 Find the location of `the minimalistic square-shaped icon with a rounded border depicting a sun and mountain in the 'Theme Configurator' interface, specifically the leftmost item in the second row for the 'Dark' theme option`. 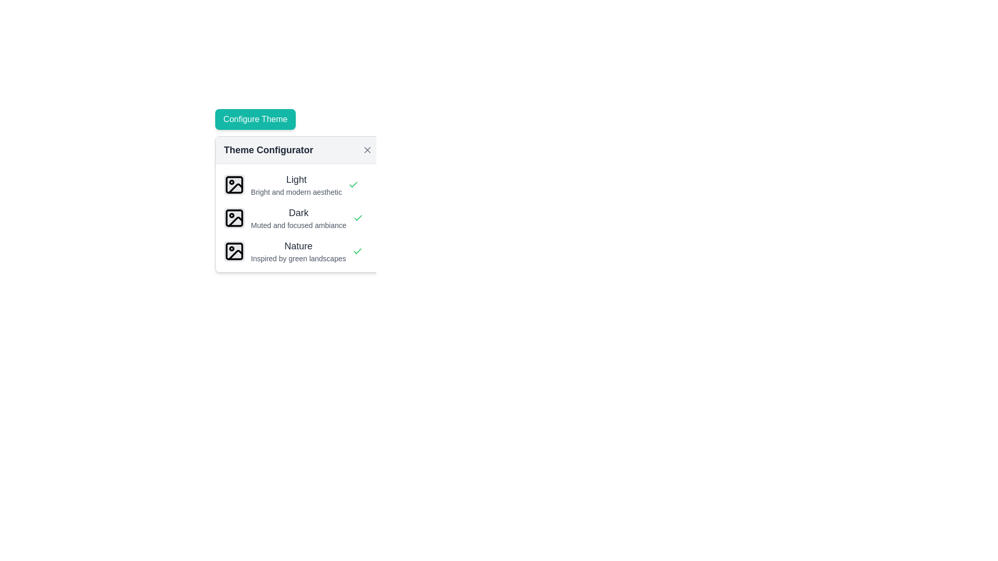

the minimalistic square-shaped icon with a rounded border depicting a sun and mountain in the 'Theme Configurator' interface, specifically the leftmost item in the second row for the 'Dark' theme option is located at coordinates (233, 218).